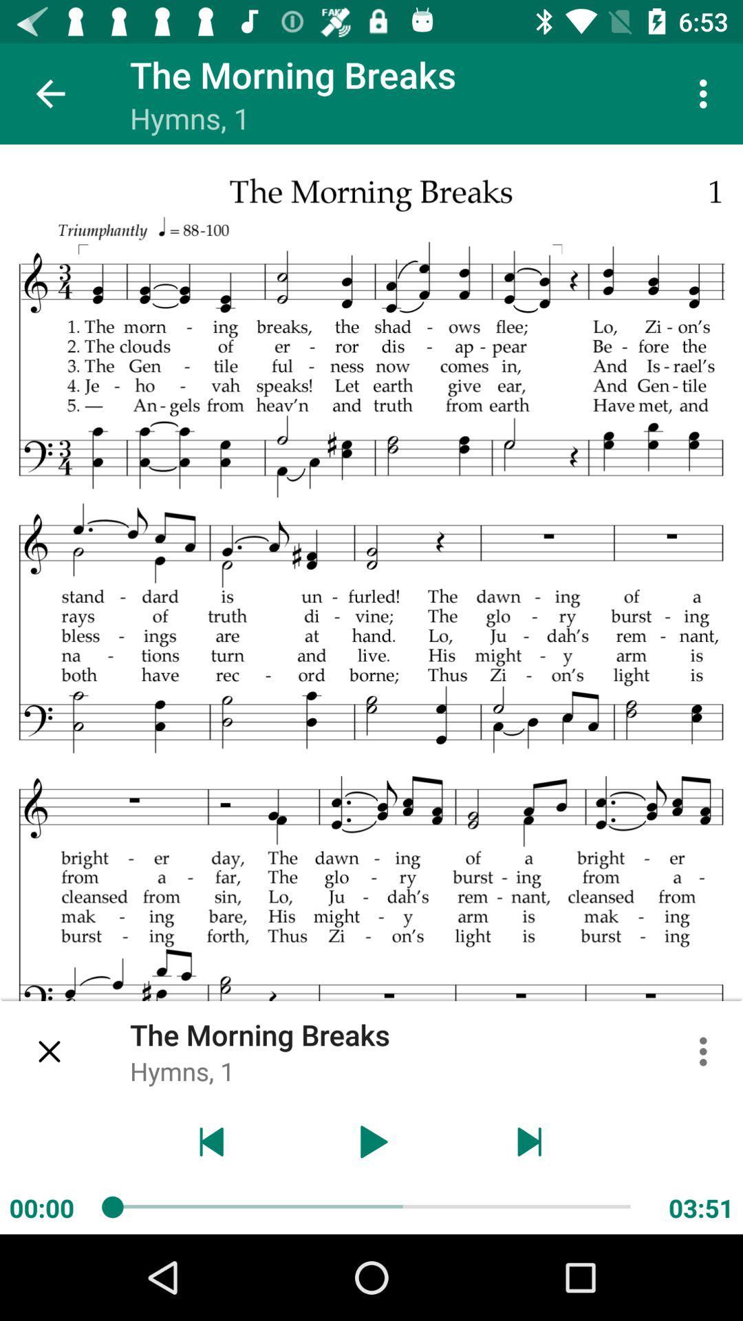 This screenshot has width=743, height=1321. What do you see at coordinates (212, 1141) in the screenshot?
I see `repeat this track` at bounding box center [212, 1141].